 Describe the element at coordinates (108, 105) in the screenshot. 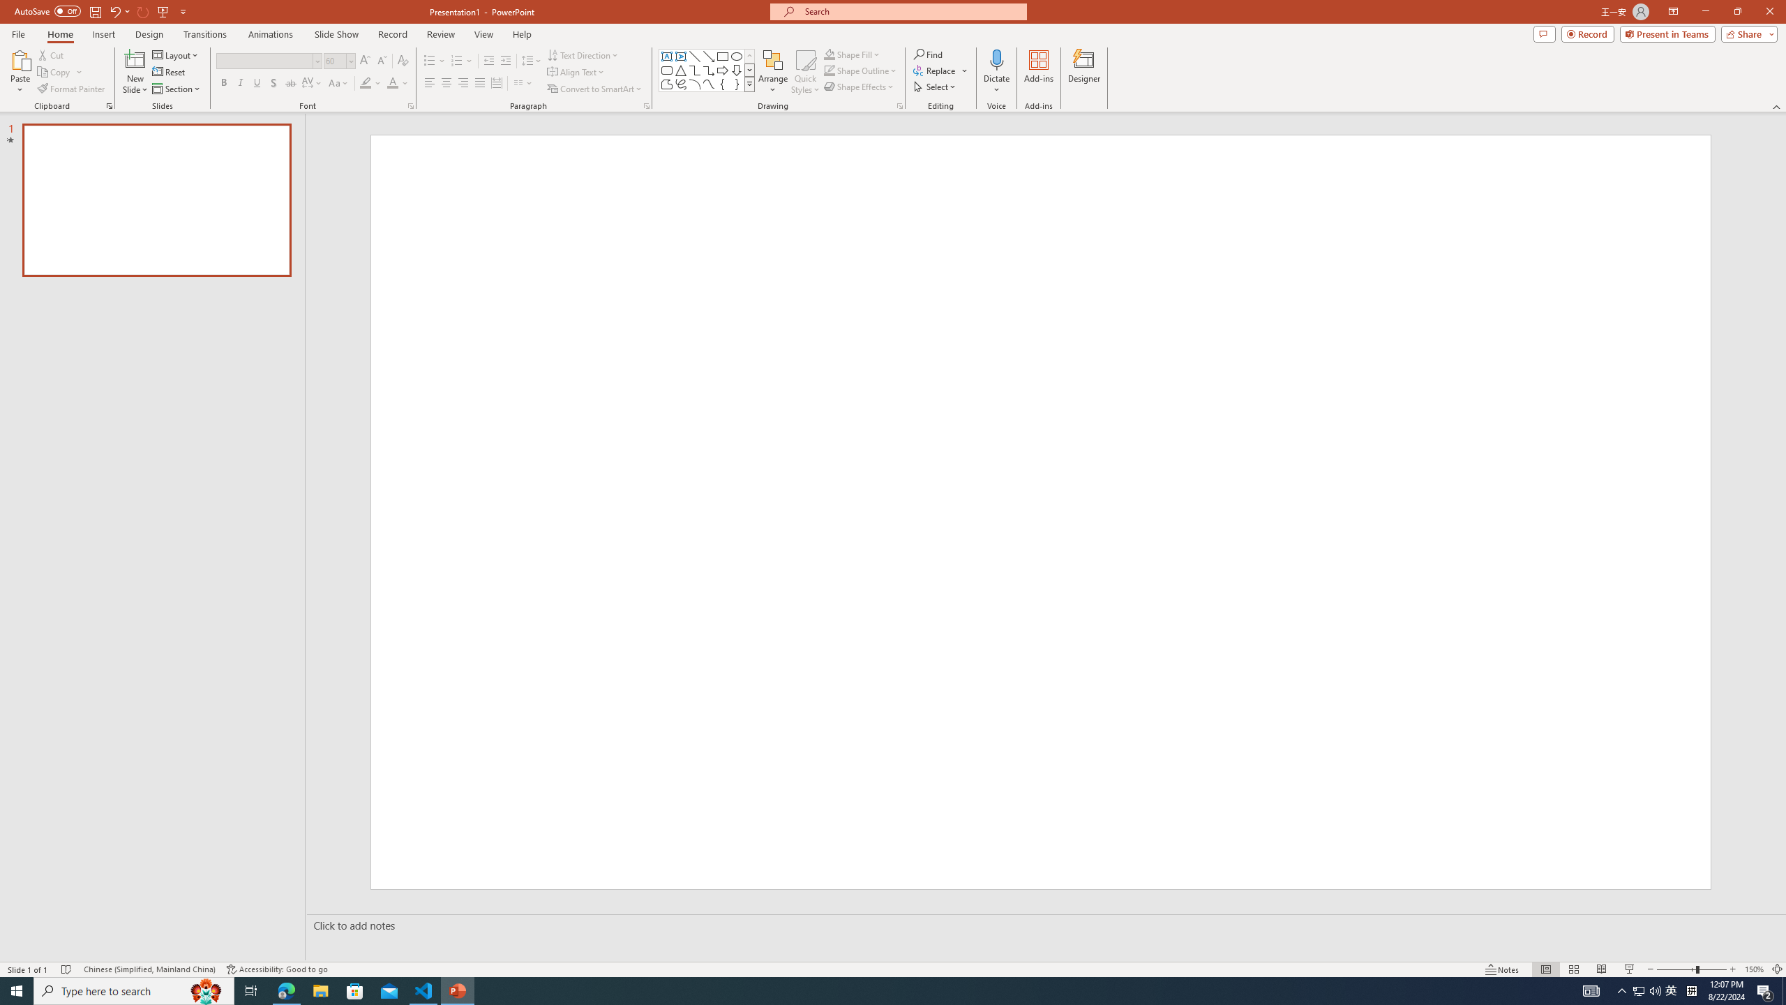

I see `'Office Clipboard...'` at that location.